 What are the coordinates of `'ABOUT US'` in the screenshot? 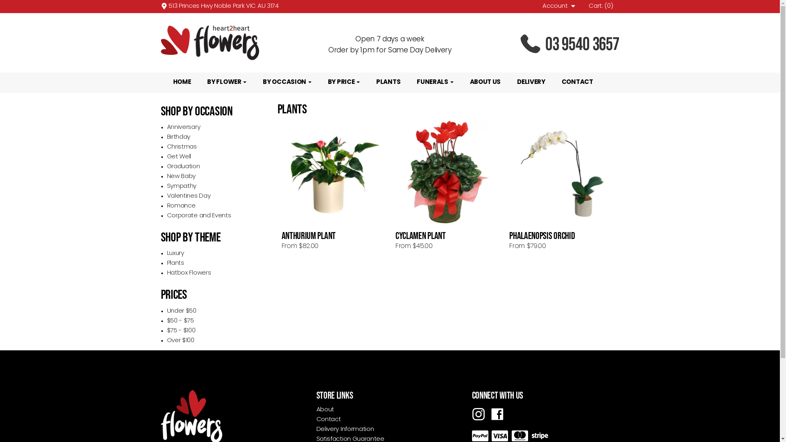 It's located at (462, 82).